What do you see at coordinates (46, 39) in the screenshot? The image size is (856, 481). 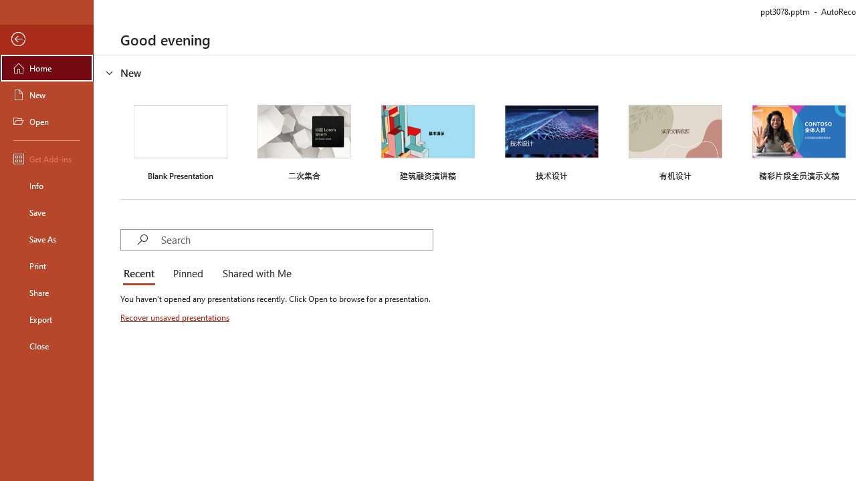 I see `'Back'` at bounding box center [46, 39].